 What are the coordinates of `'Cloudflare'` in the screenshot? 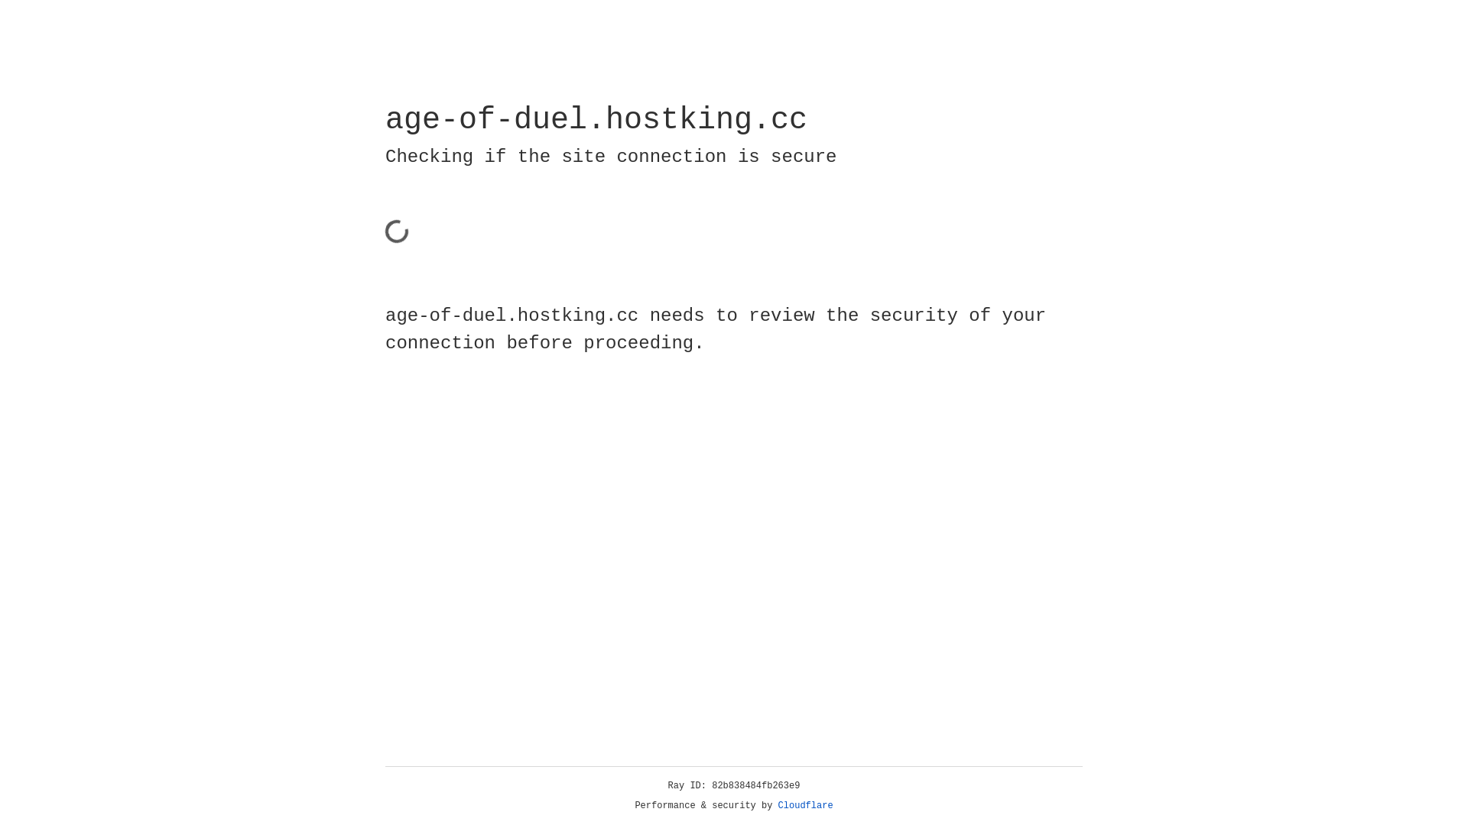 It's located at (805, 805).